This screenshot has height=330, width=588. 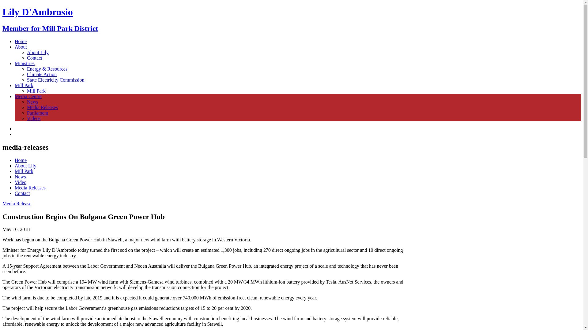 What do you see at coordinates (37, 113) in the screenshot?
I see `'Parliament'` at bounding box center [37, 113].